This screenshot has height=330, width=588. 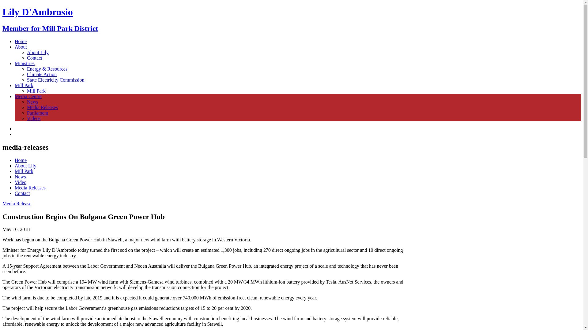 What do you see at coordinates (37, 113) in the screenshot?
I see `'Parliament'` at bounding box center [37, 113].